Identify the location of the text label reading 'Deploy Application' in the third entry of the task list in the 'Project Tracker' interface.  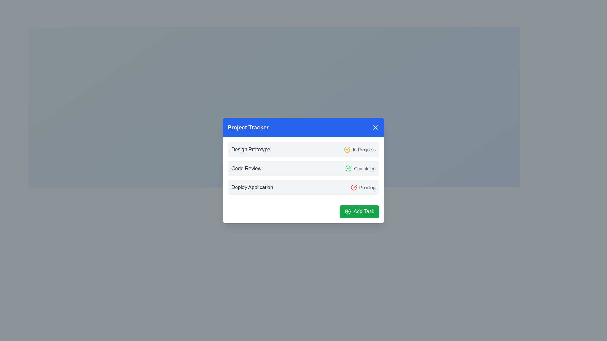
(252, 187).